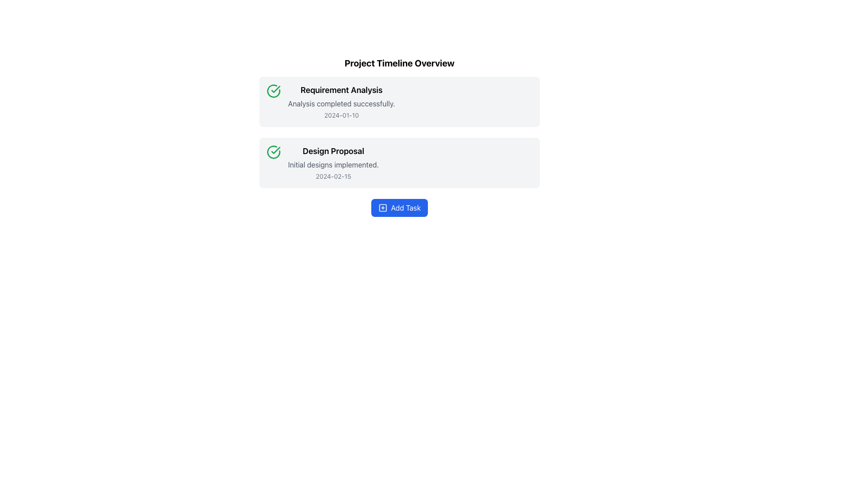  Describe the element at coordinates (341, 115) in the screenshot. I see `the static text label displaying the date in 'YYYY-MM-DD' format, which is styled in a small, gray font and located below the text 'Analysis completed successfully.' within the 'Requirement Analysis' section` at that location.